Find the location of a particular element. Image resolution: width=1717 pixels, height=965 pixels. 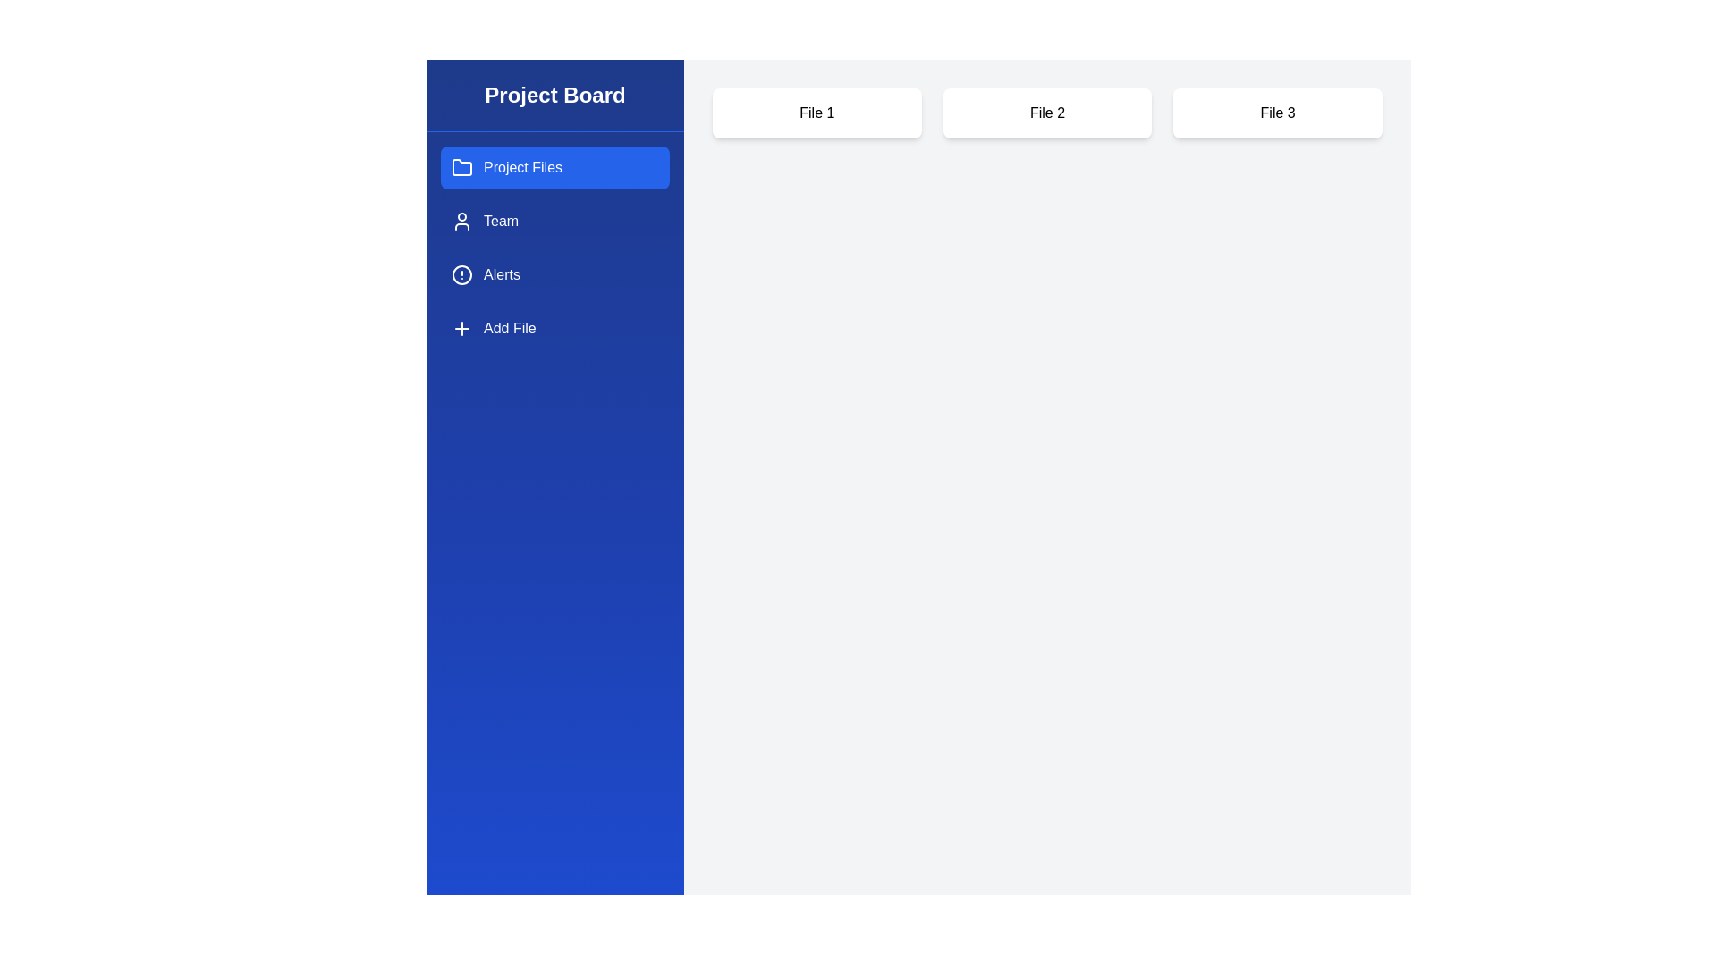

the card or button representing 'File 3', which is the third item in a row of three cards arranged horizontally is located at coordinates (1277, 113).